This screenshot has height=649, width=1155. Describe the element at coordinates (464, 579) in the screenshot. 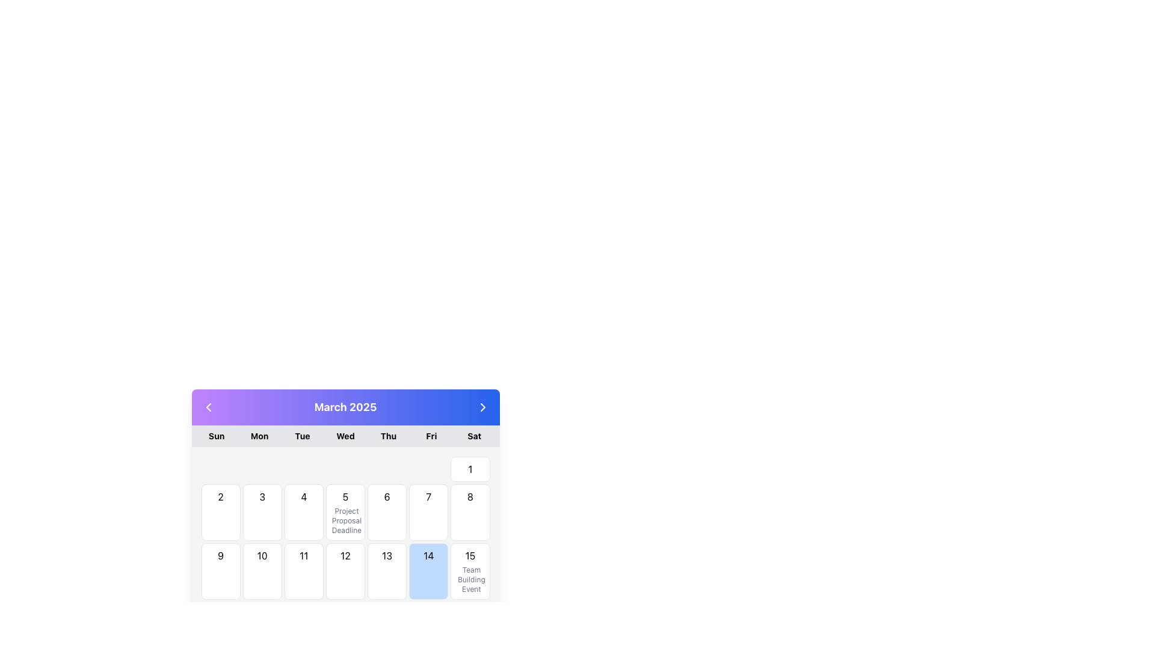

I see `the green checkmark icon located next to the 'Team Event' text in the calendar interface for March 15, 2025` at that location.